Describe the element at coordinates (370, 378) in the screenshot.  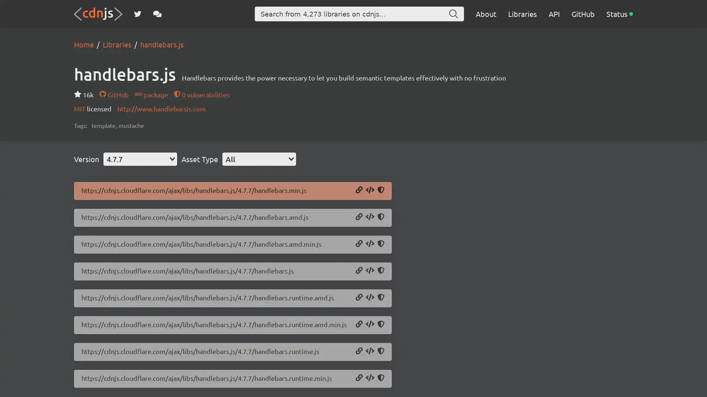
I see `Copy Script Tag` at that location.